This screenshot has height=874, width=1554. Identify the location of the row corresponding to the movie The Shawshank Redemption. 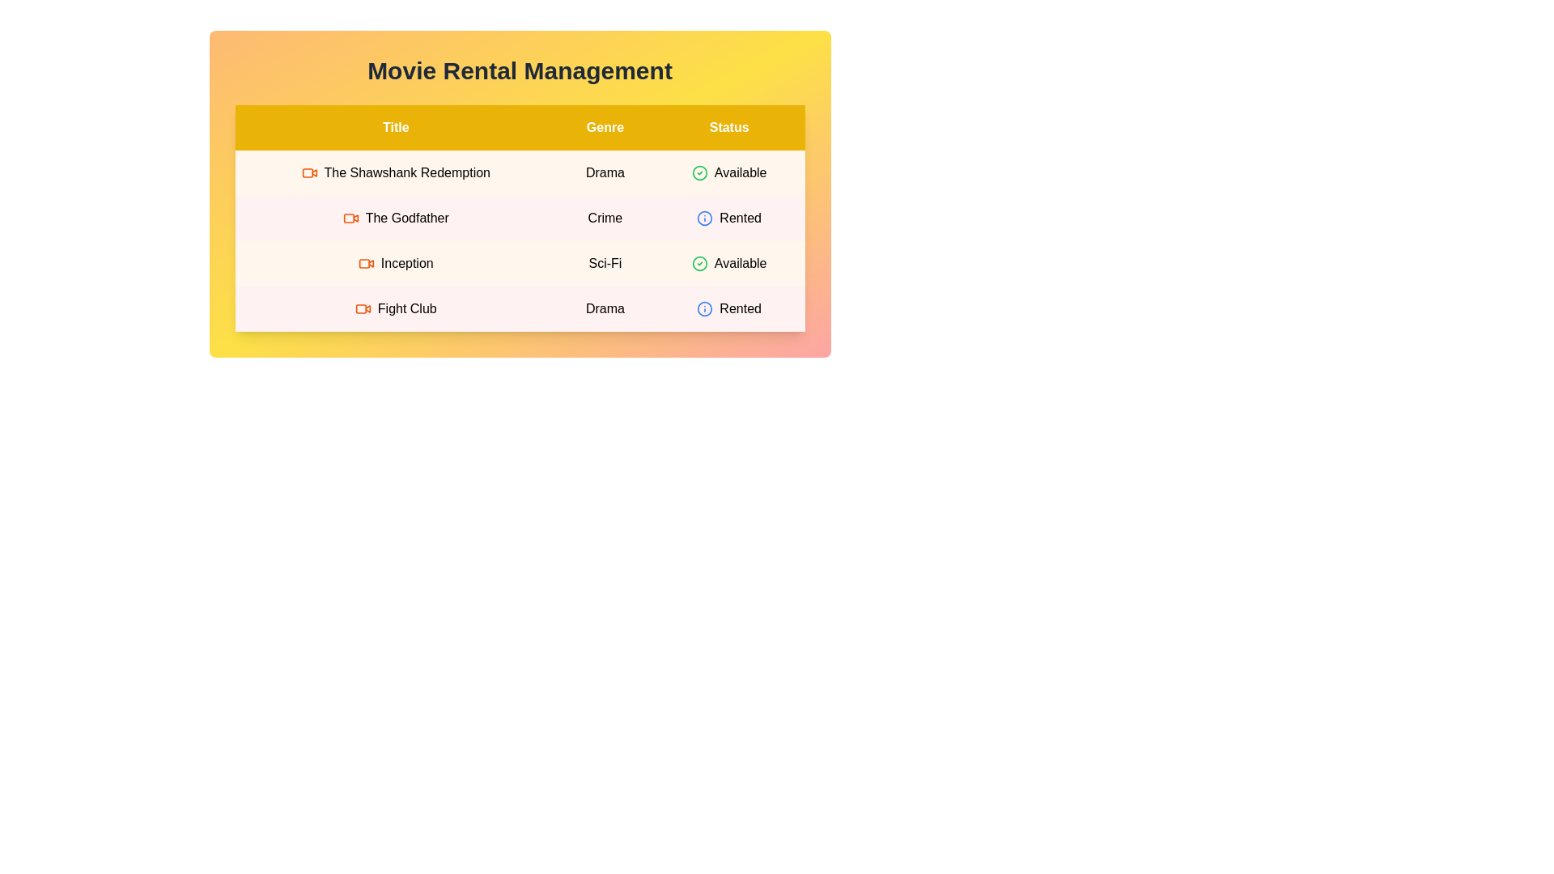
(520, 172).